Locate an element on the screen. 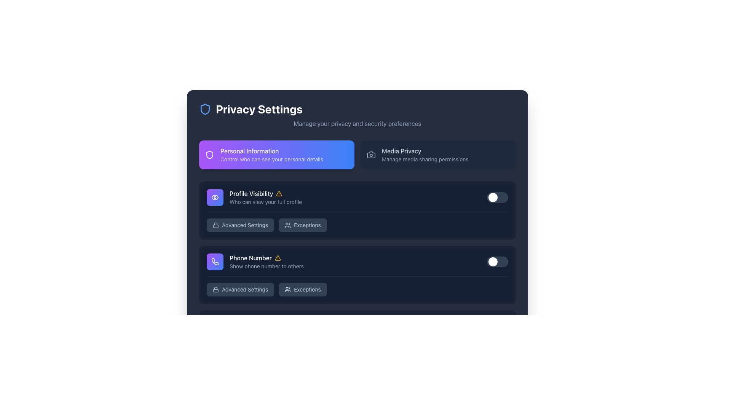 Image resolution: width=731 pixels, height=411 pixels. the Decorative icon located to the left of the 'Phone Number' label in the bottommost section of the 'Privacy Settings' pane to associate it with the 'Phone Number' setting is located at coordinates (215, 261).